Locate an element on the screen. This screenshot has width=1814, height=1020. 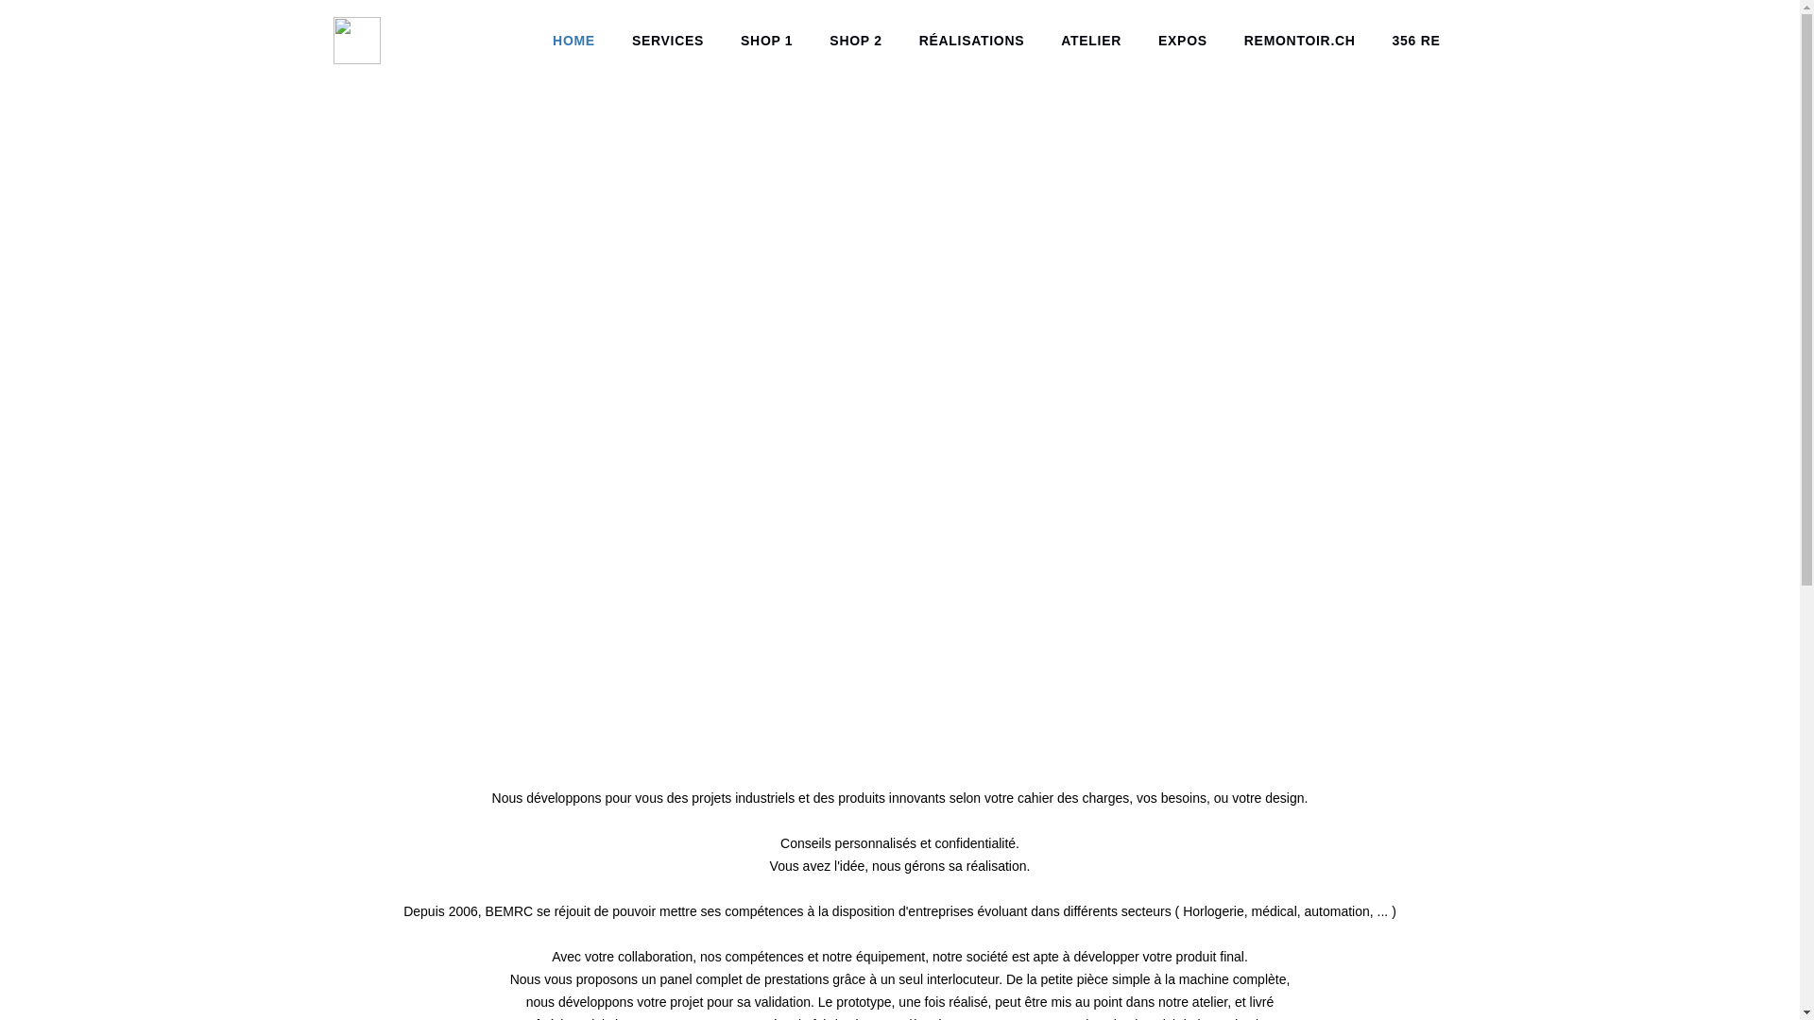
'SHOP 2' is located at coordinates (854, 41).